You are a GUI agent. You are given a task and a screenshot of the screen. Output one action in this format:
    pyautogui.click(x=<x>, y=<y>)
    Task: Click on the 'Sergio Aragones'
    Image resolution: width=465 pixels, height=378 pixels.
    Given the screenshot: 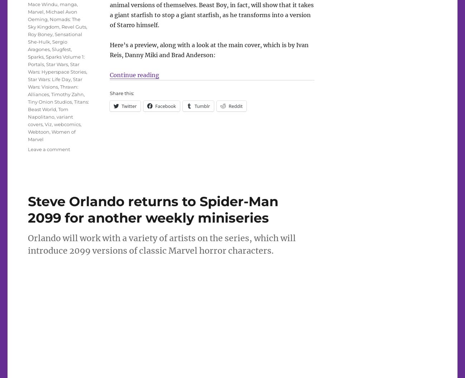 What is the action you would take?
    pyautogui.click(x=47, y=45)
    